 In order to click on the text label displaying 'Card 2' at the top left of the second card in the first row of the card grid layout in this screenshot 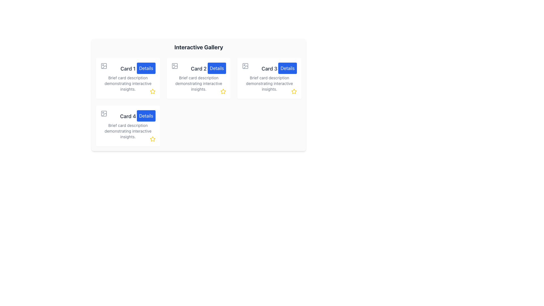, I will do `click(199, 69)`.